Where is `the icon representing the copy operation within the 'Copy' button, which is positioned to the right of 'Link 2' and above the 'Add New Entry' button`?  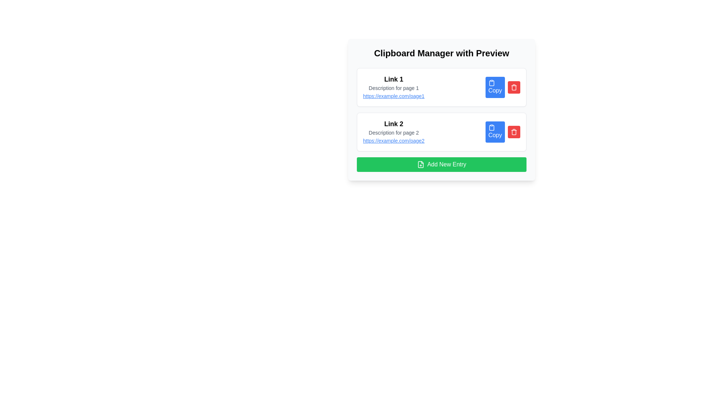 the icon representing the copy operation within the 'Copy' button, which is positioned to the right of 'Link 2' and above the 'Add New Entry' button is located at coordinates (491, 127).